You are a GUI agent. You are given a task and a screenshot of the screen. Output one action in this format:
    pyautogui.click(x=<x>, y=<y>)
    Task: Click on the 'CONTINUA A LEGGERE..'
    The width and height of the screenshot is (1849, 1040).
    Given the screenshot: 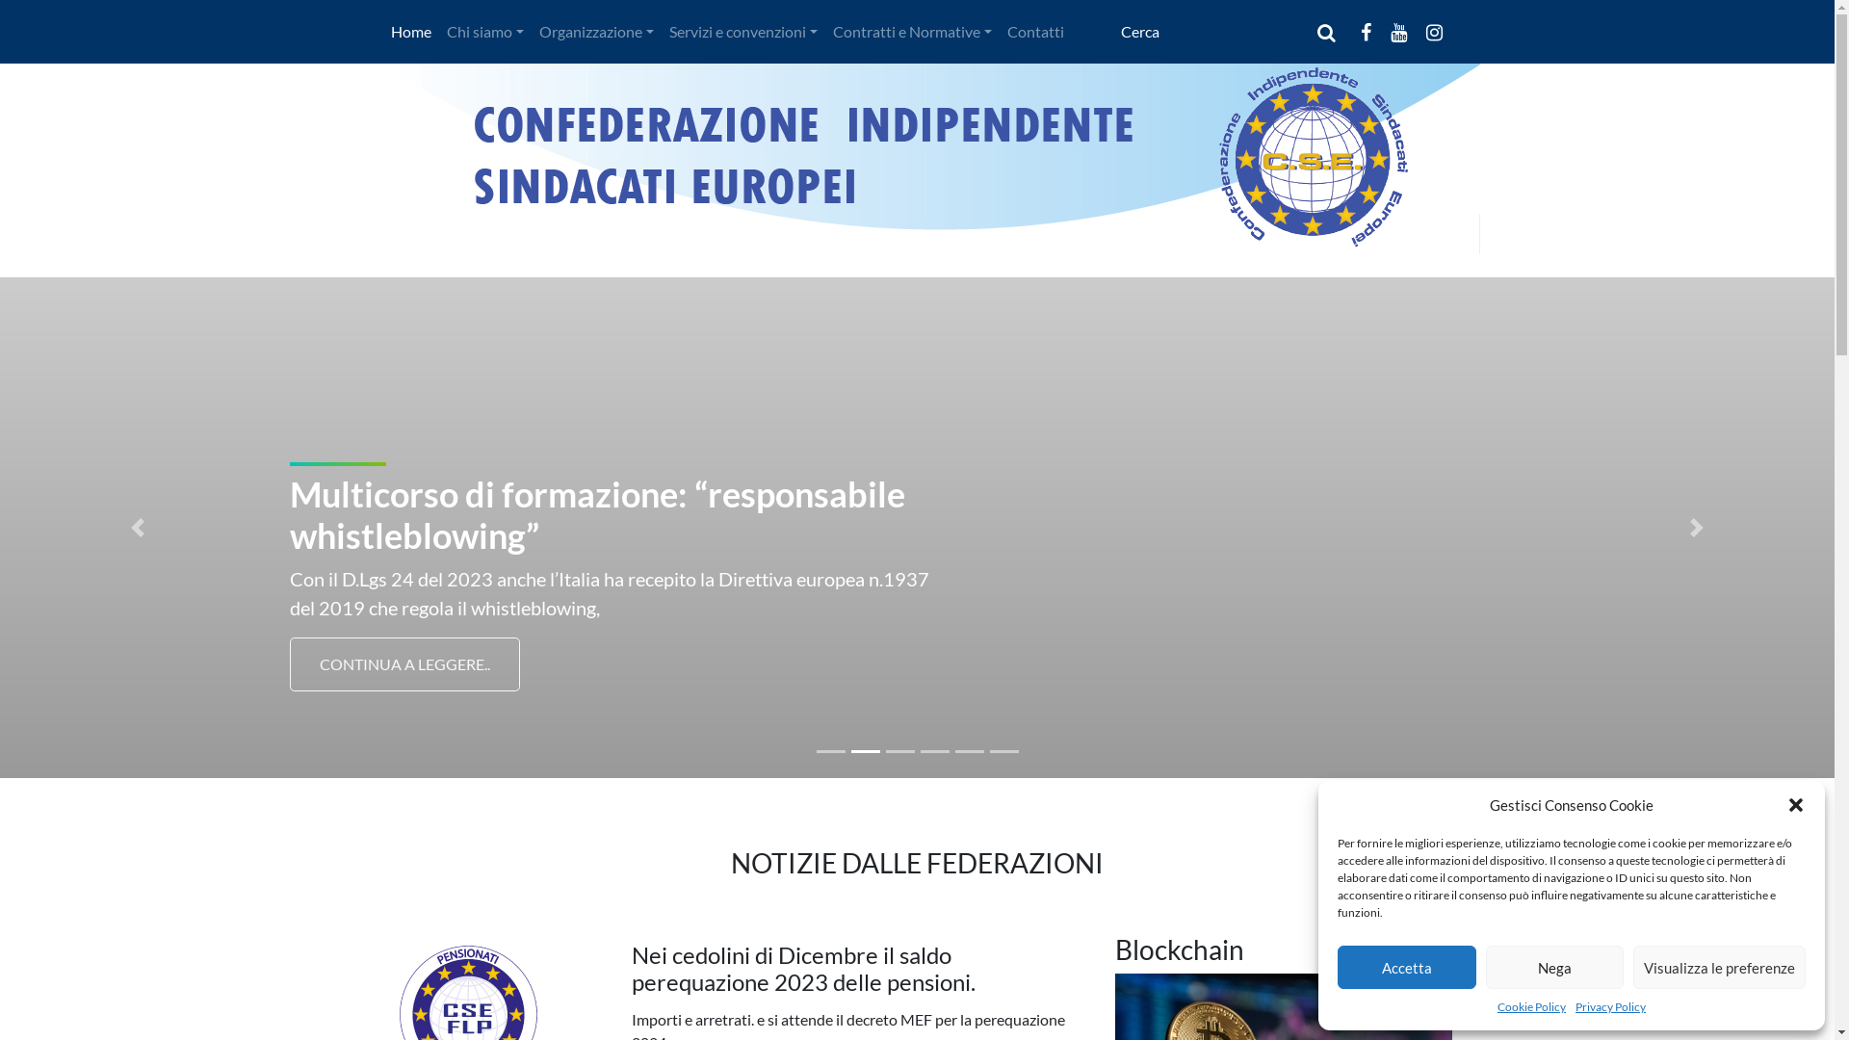 What is the action you would take?
    pyautogui.click(x=289, y=663)
    